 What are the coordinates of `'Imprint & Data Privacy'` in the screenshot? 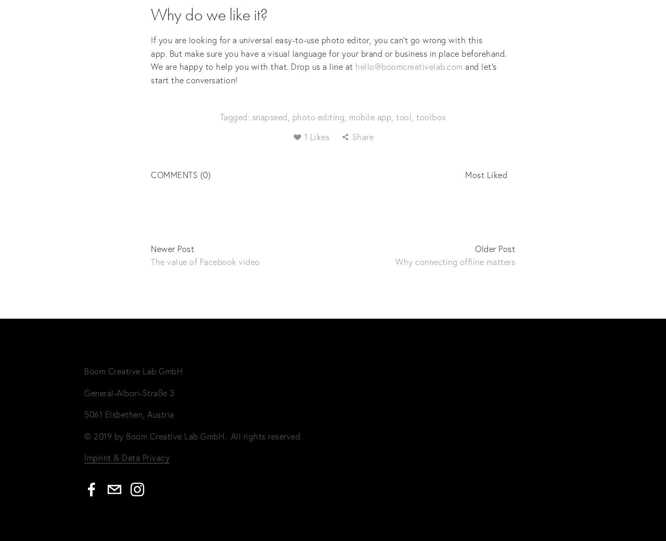 It's located at (126, 457).